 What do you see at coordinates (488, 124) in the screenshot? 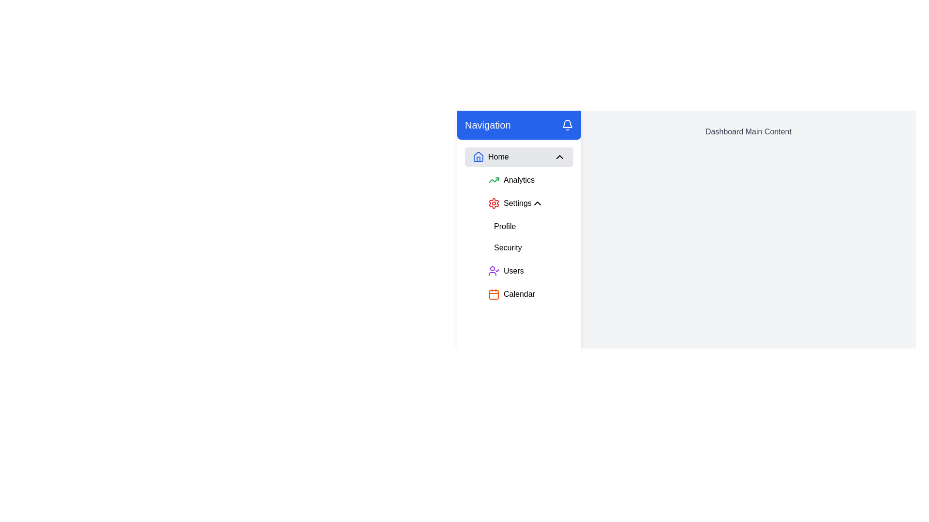
I see `the 'Navigation' text label, which is displayed in large, bold white font on a rich blue background, located in the header section of the vertical navigation sidebar` at bounding box center [488, 124].